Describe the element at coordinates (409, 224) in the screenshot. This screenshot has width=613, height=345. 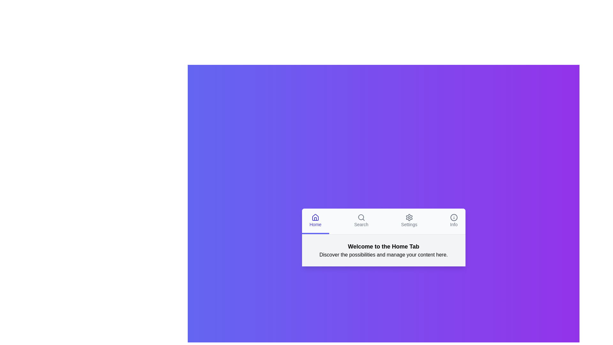
I see `the Text label in the bottom navigation bar that indicates the settings interface, positioned third from the left` at that location.